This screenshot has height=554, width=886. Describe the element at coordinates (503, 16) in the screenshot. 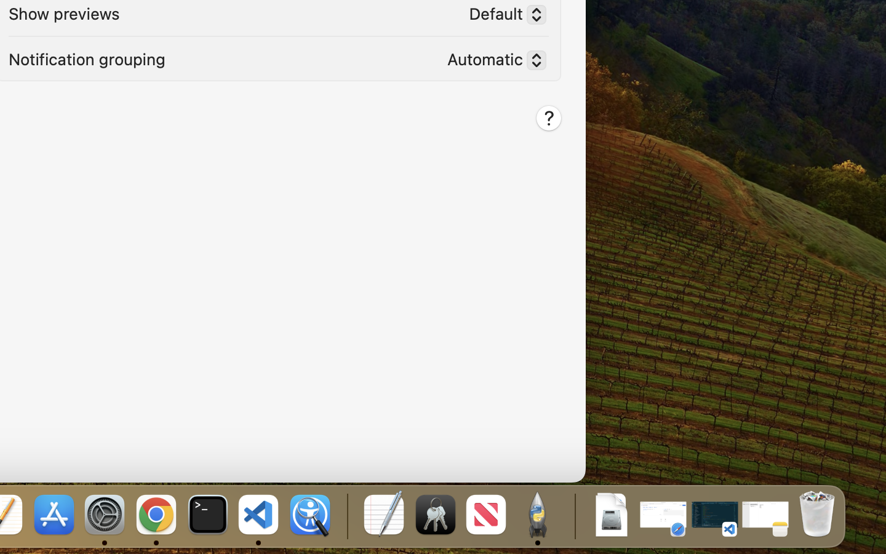

I see `'Default'` at that location.